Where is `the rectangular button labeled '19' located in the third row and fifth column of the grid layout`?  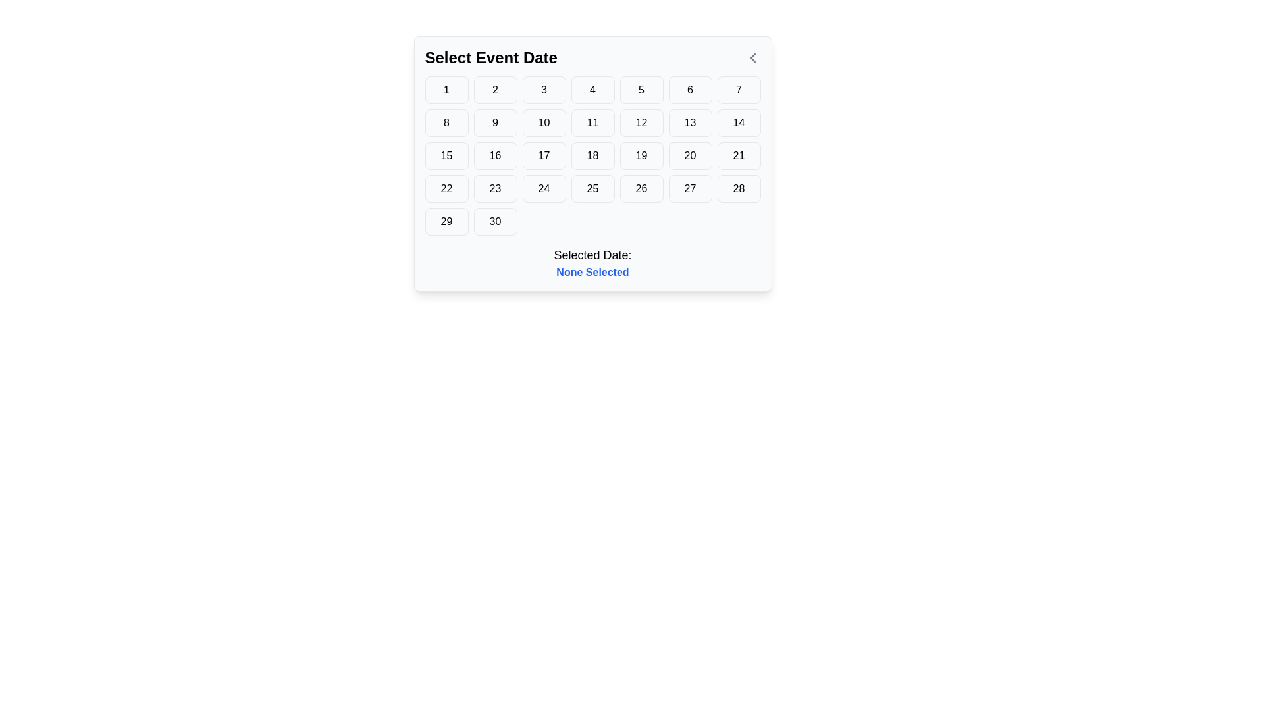
the rectangular button labeled '19' located in the third row and fifth column of the grid layout is located at coordinates (641, 155).